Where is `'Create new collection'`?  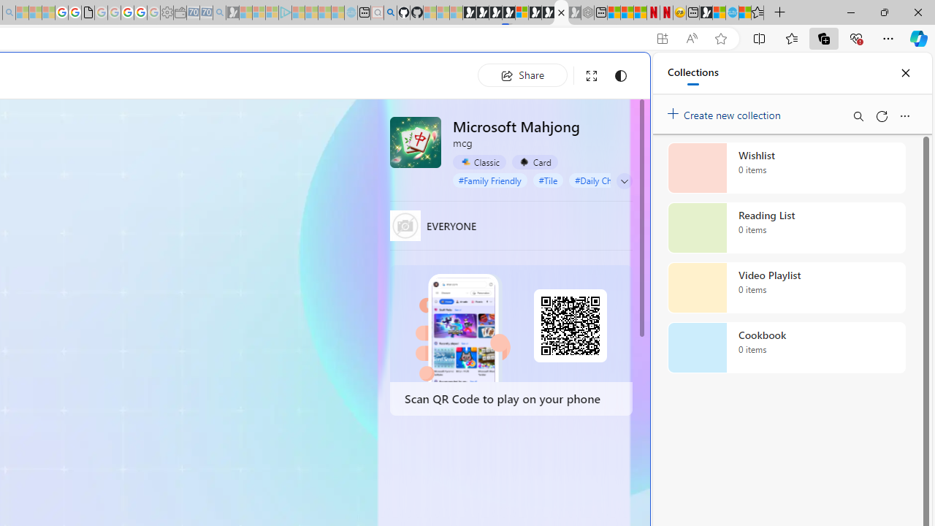
'Create new collection' is located at coordinates (727, 111).